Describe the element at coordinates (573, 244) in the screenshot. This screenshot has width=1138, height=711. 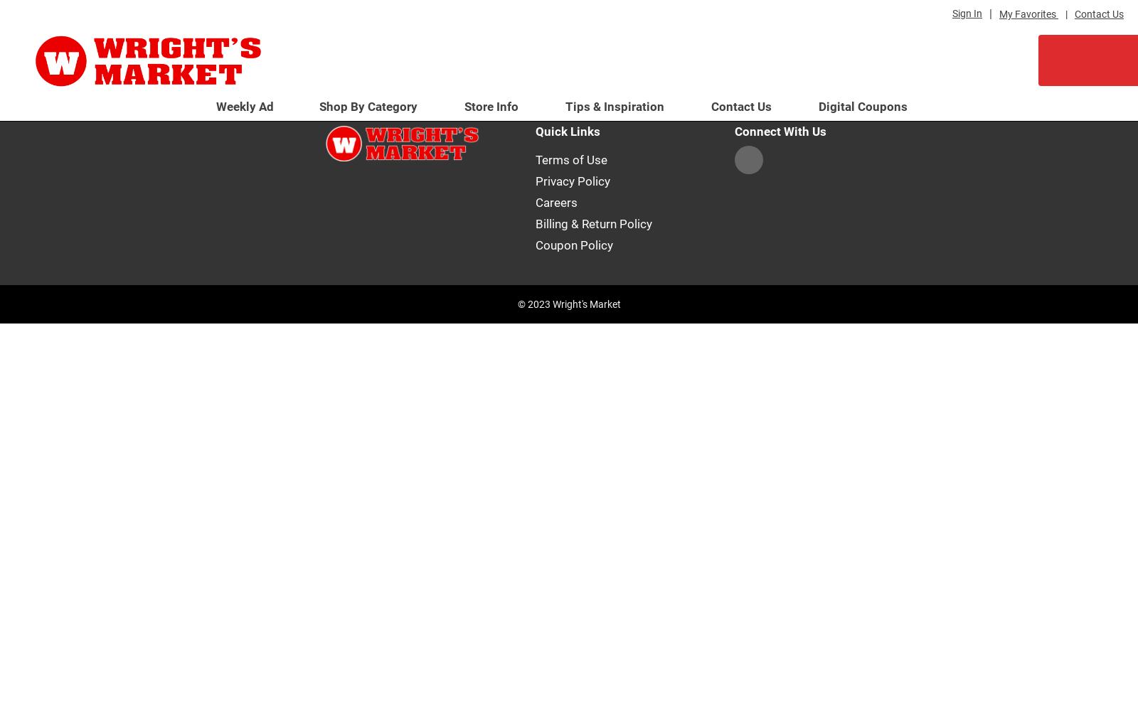
I see `'Coupon Policy'` at that location.